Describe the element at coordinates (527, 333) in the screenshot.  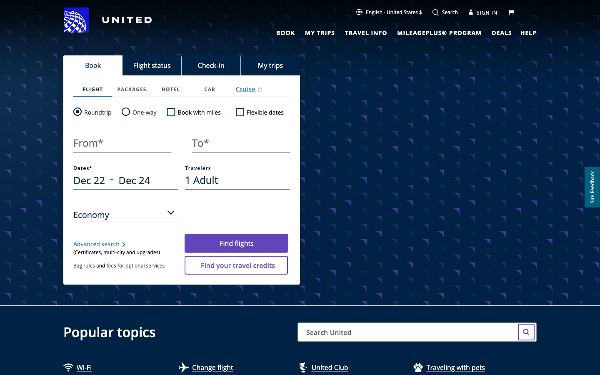
I see `Scan for Taiwan Airline Tickets` at that location.